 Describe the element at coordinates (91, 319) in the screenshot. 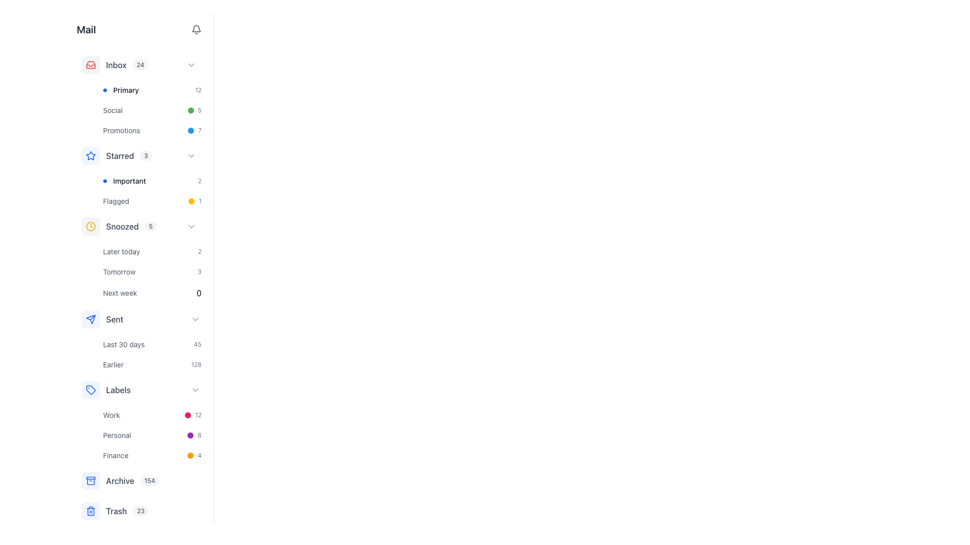

I see `the paper plane icon in the sidebar navigation, which is styled as a button with a light blue background and is positioned to the left of the 'Sent' label` at that location.